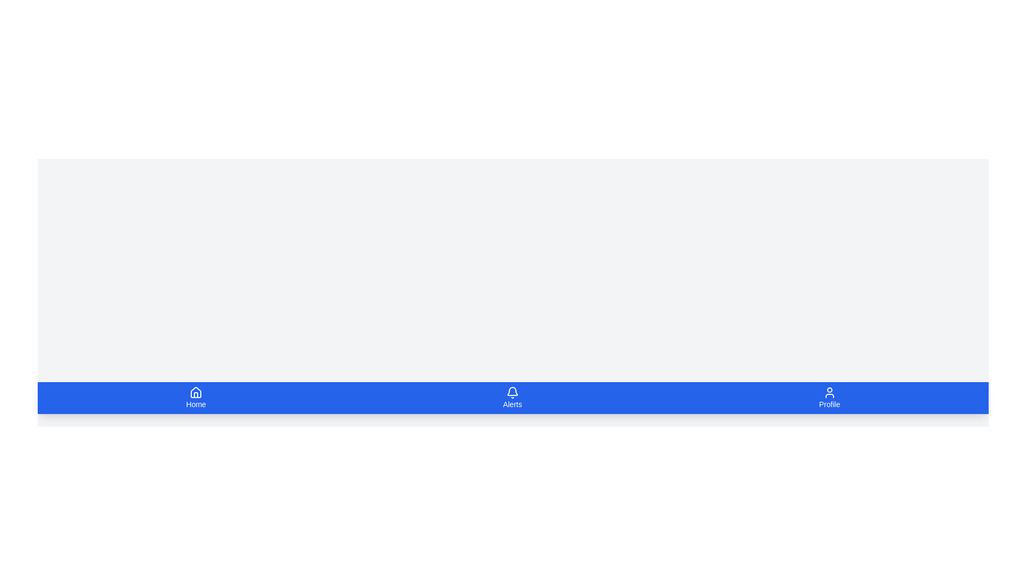 The height and width of the screenshot is (574, 1020). Describe the element at coordinates (196, 404) in the screenshot. I see `the 'Home' text label in the bottom navigation bar, which serves as a label for the corresponding navigation option and is positioned below a house icon` at that location.